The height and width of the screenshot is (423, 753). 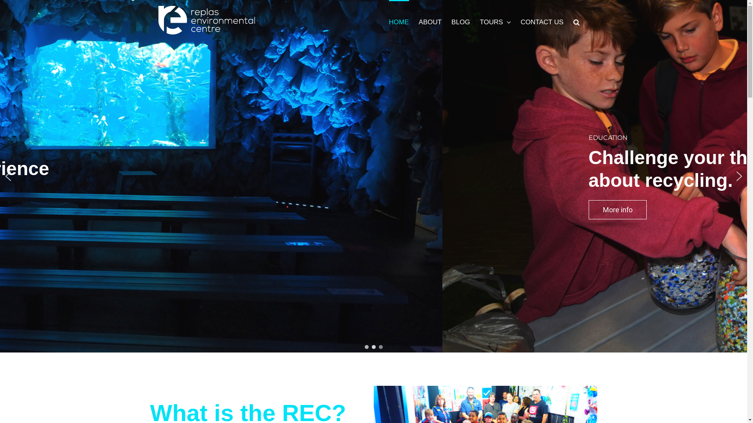 What do you see at coordinates (175, 218) in the screenshot?
I see `'Book now'` at bounding box center [175, 218].